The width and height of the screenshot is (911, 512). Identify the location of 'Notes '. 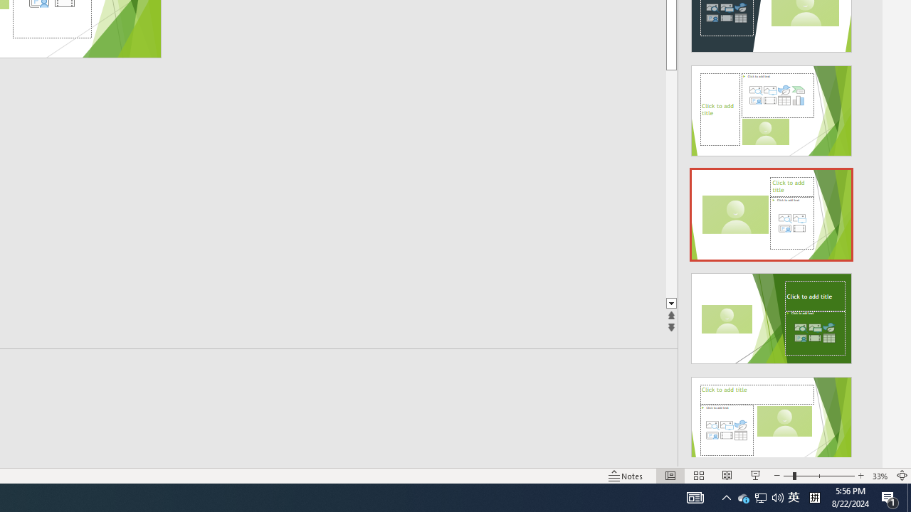
(626, 476).